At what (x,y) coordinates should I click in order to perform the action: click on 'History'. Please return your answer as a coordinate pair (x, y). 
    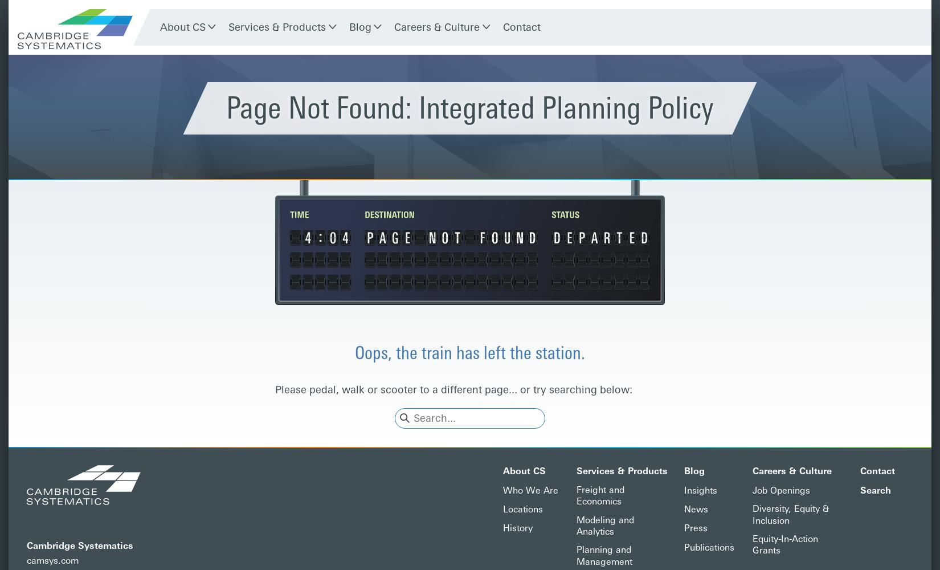
    Looking at the image, I should click on (517, 528).